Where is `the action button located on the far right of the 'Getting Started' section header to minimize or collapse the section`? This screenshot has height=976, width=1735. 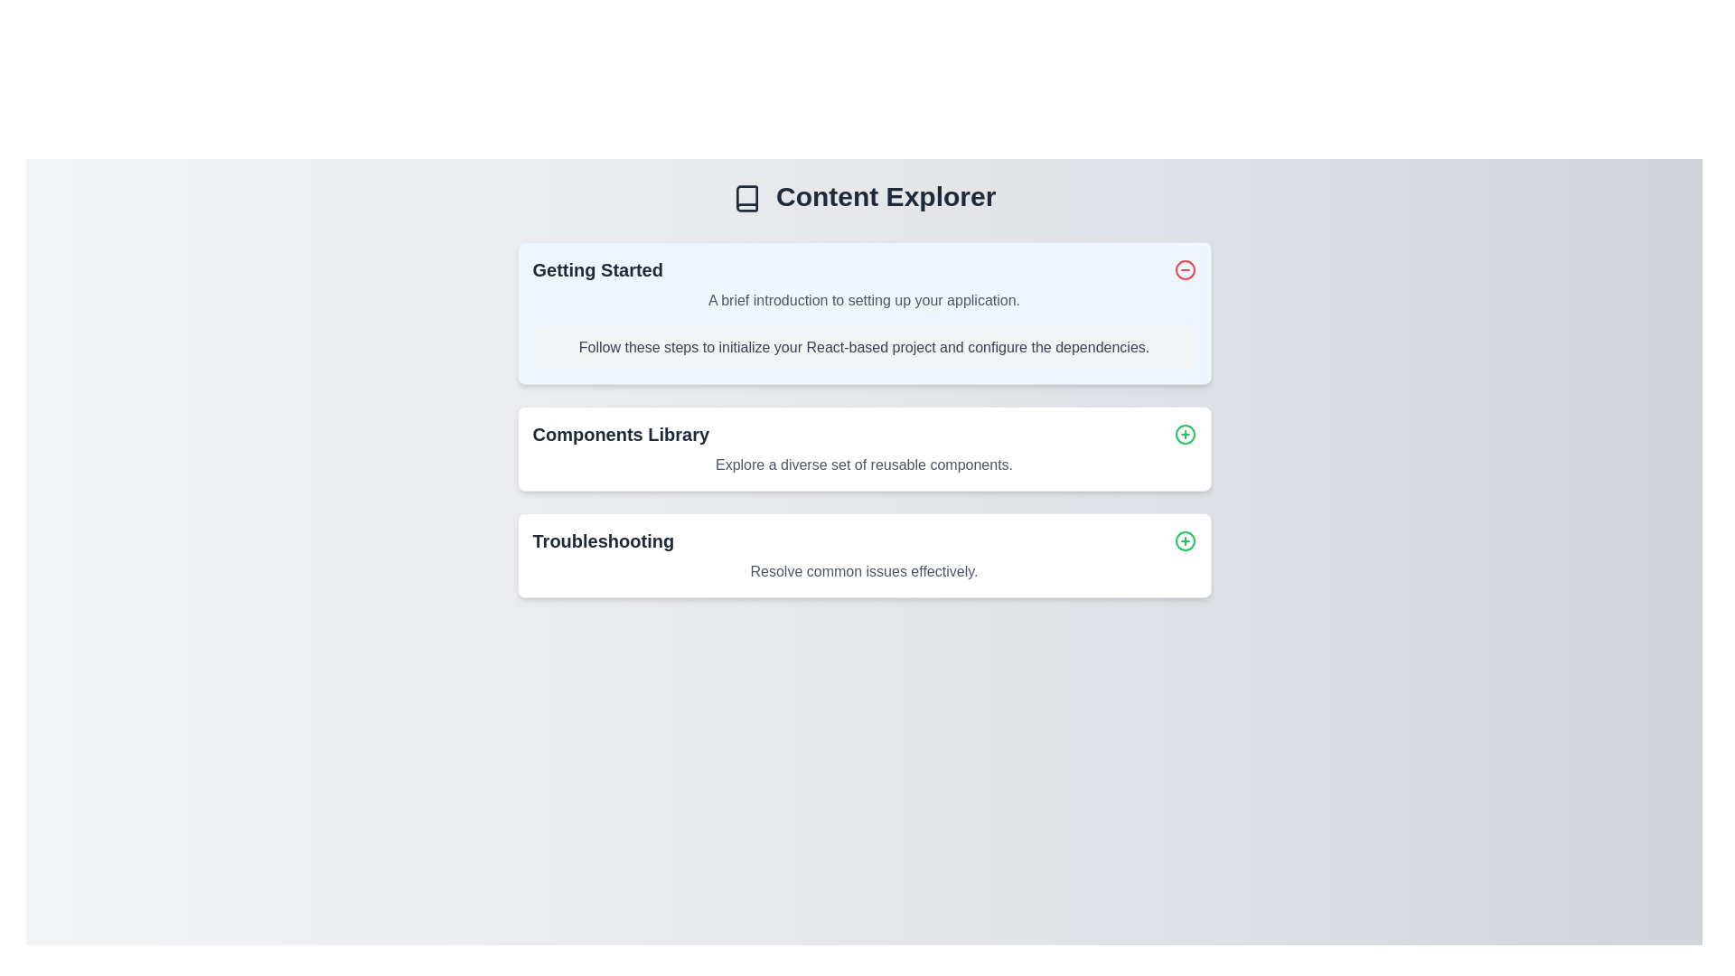
the action button located on the far right of the 'Getting Started' section header to minimize or collapse the section is located at coordinates (1185, 270).